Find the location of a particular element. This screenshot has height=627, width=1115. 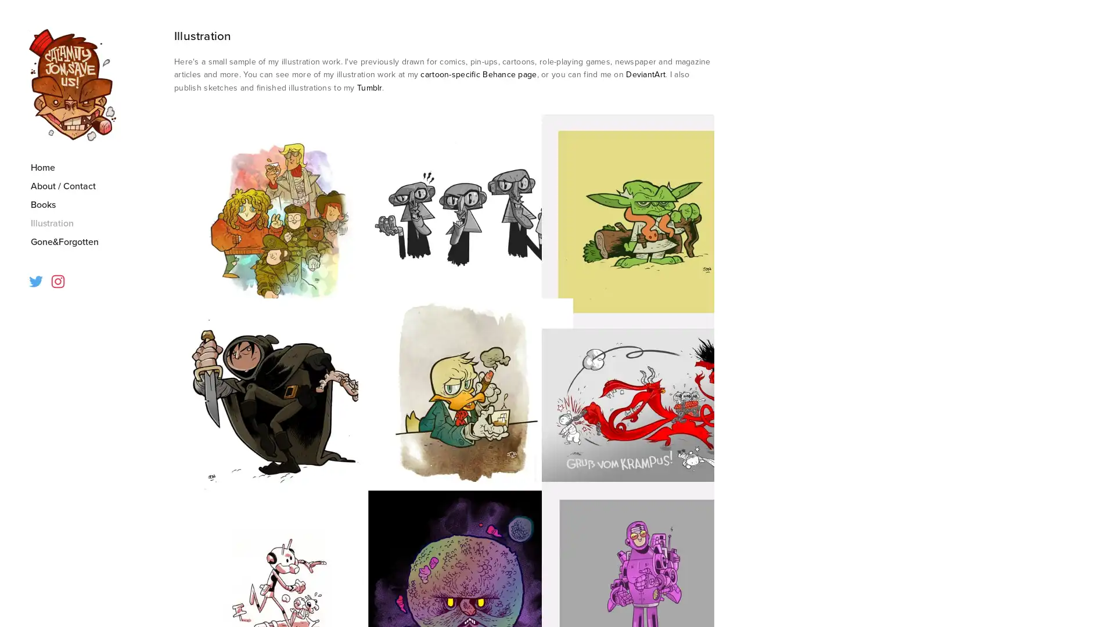

View fullsize illos02.jpg is located at coordinates (443, 199).